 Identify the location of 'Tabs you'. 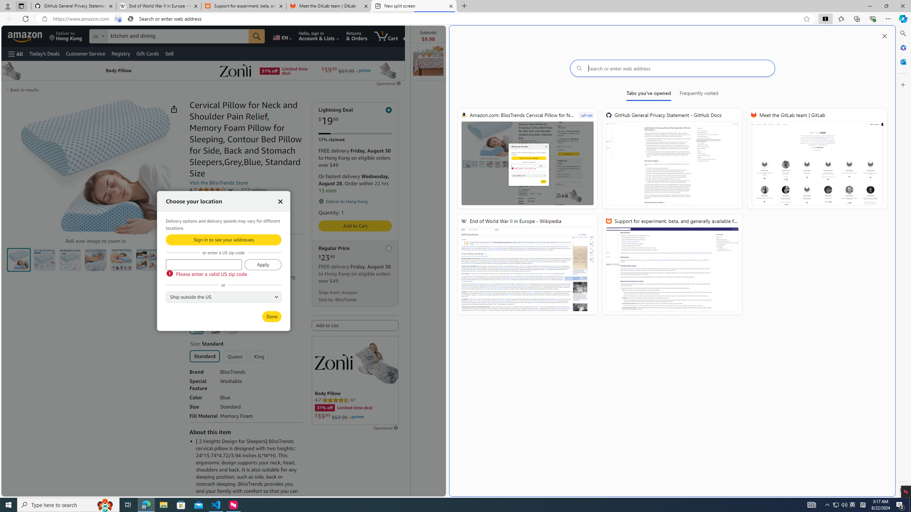
(649, 94).